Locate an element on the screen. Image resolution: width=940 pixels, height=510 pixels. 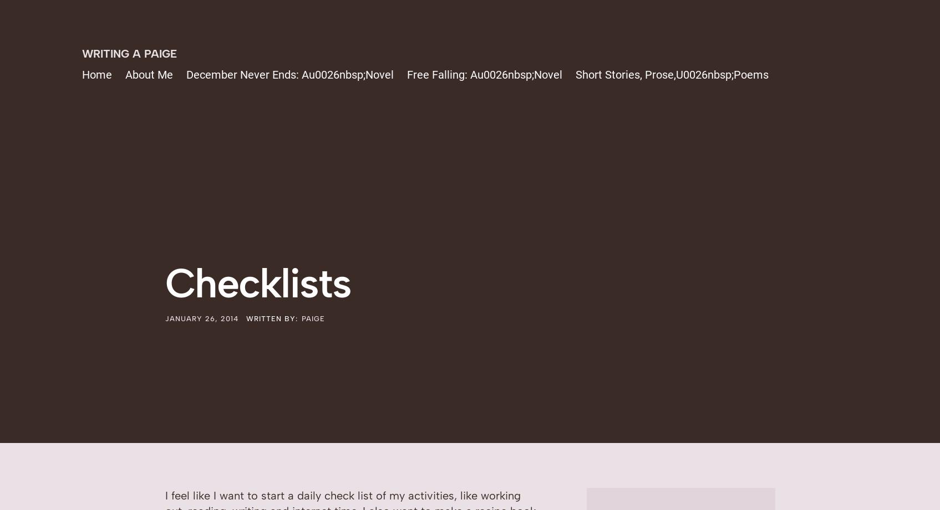
'December Never Ends: Au0026nbsp;Novel' is located at coordinates (289, 75).